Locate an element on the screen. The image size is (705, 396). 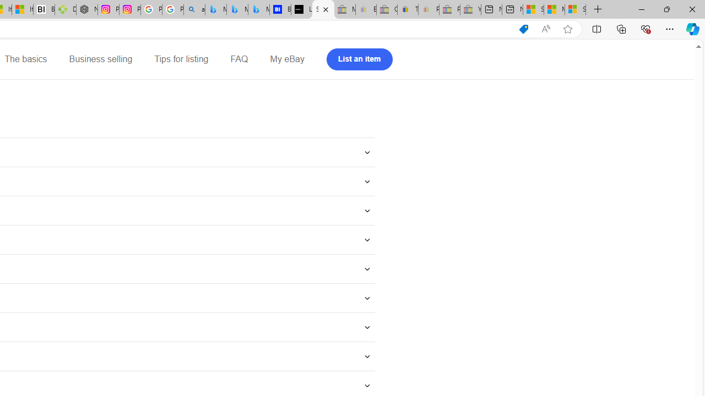
'Nordace - Nordace Edin Collection' is located at coordinates (86, 9).